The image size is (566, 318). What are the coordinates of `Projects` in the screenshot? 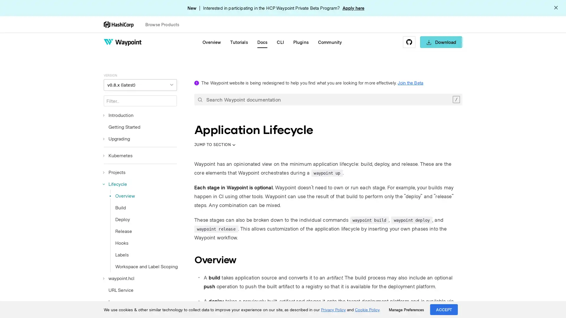 It's located at (114, 172).